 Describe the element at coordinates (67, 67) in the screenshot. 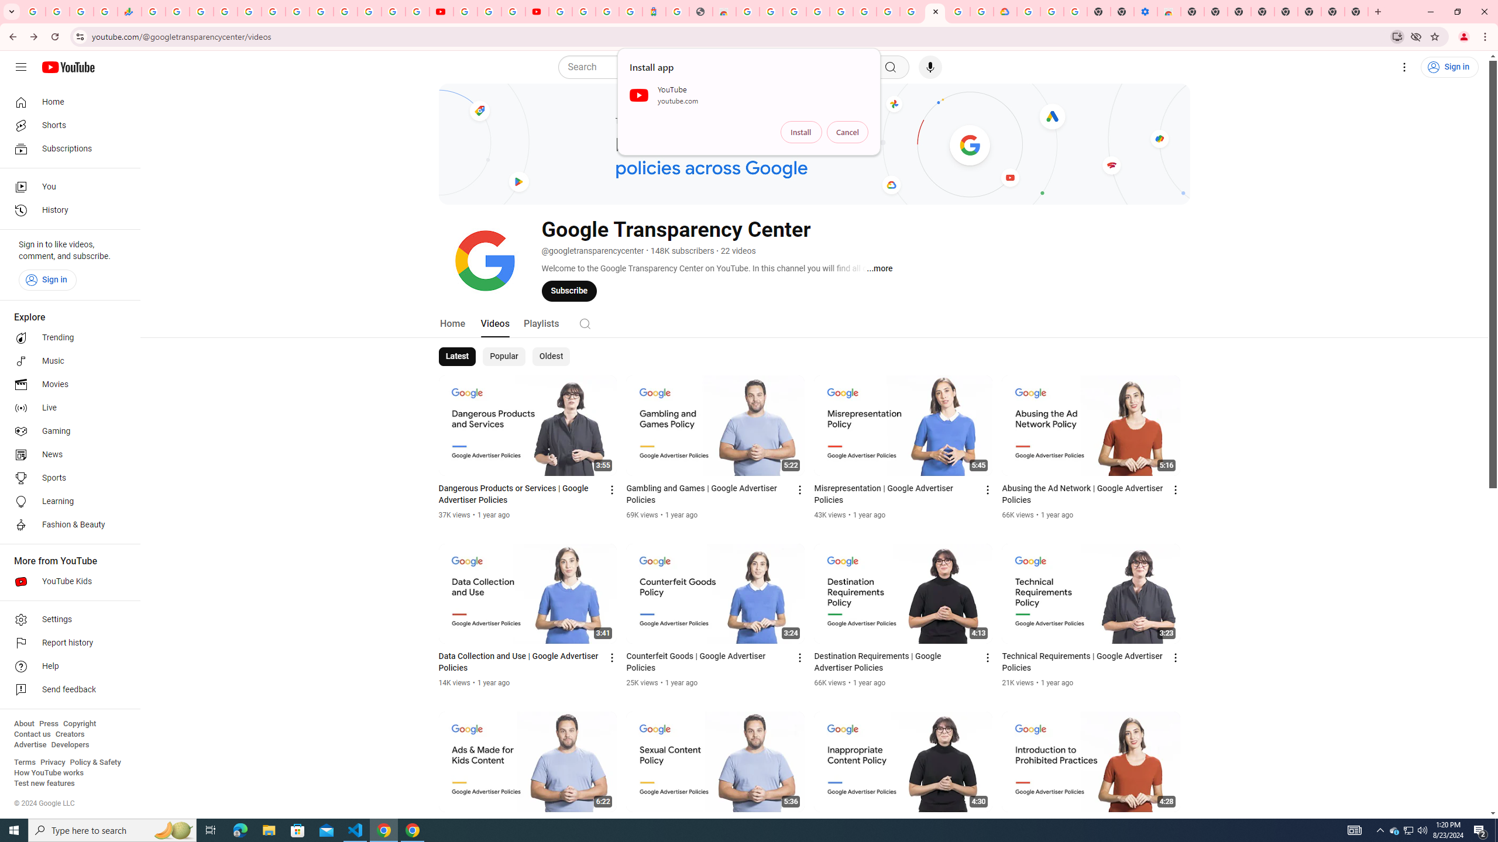

I see `'YouTube Home'` at that location.